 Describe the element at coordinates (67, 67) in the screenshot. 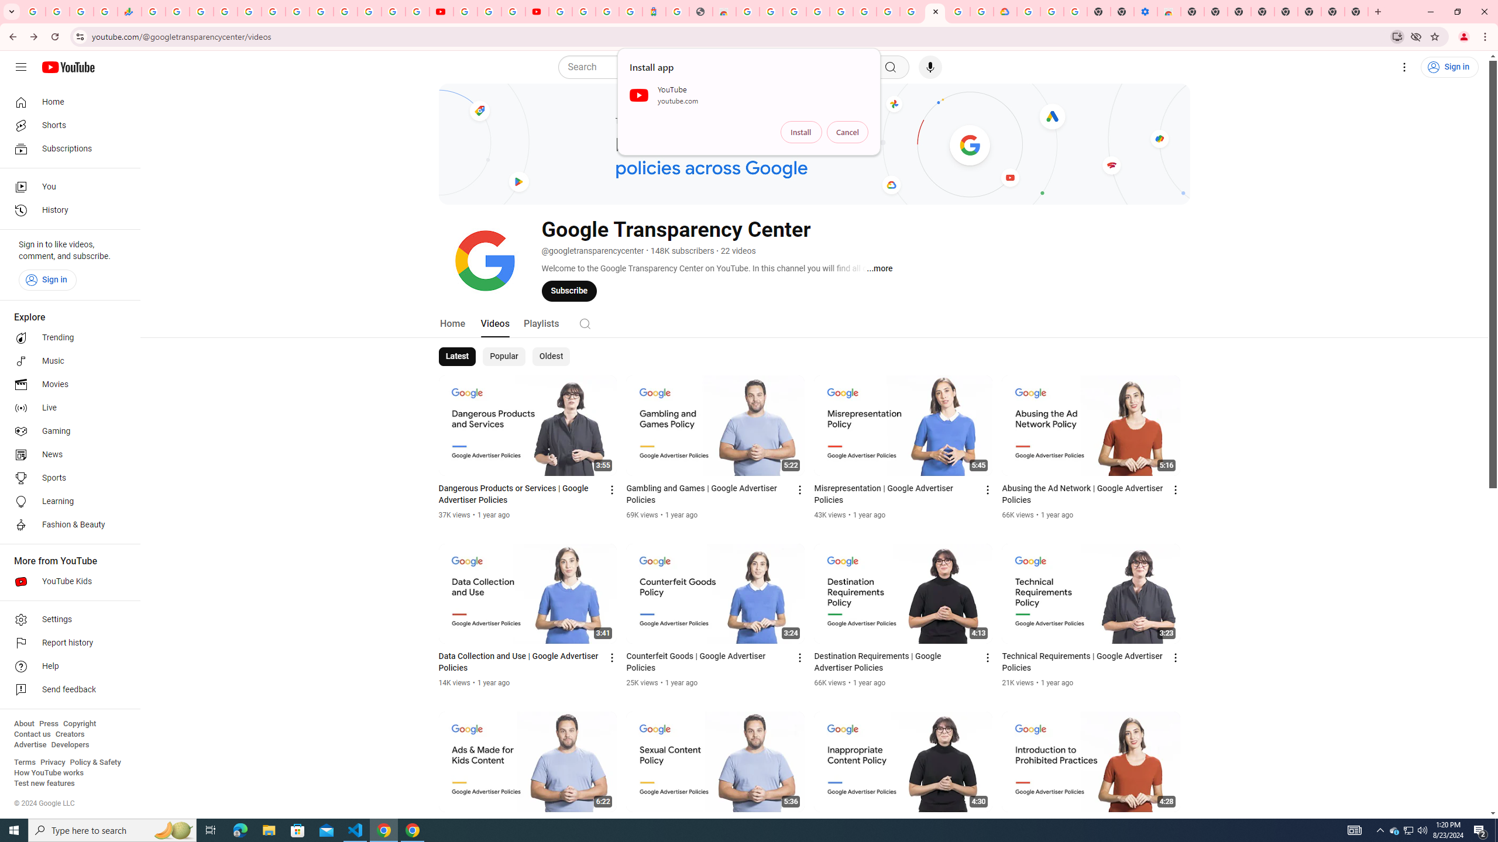

I see `'YouTube Home'` at that location.